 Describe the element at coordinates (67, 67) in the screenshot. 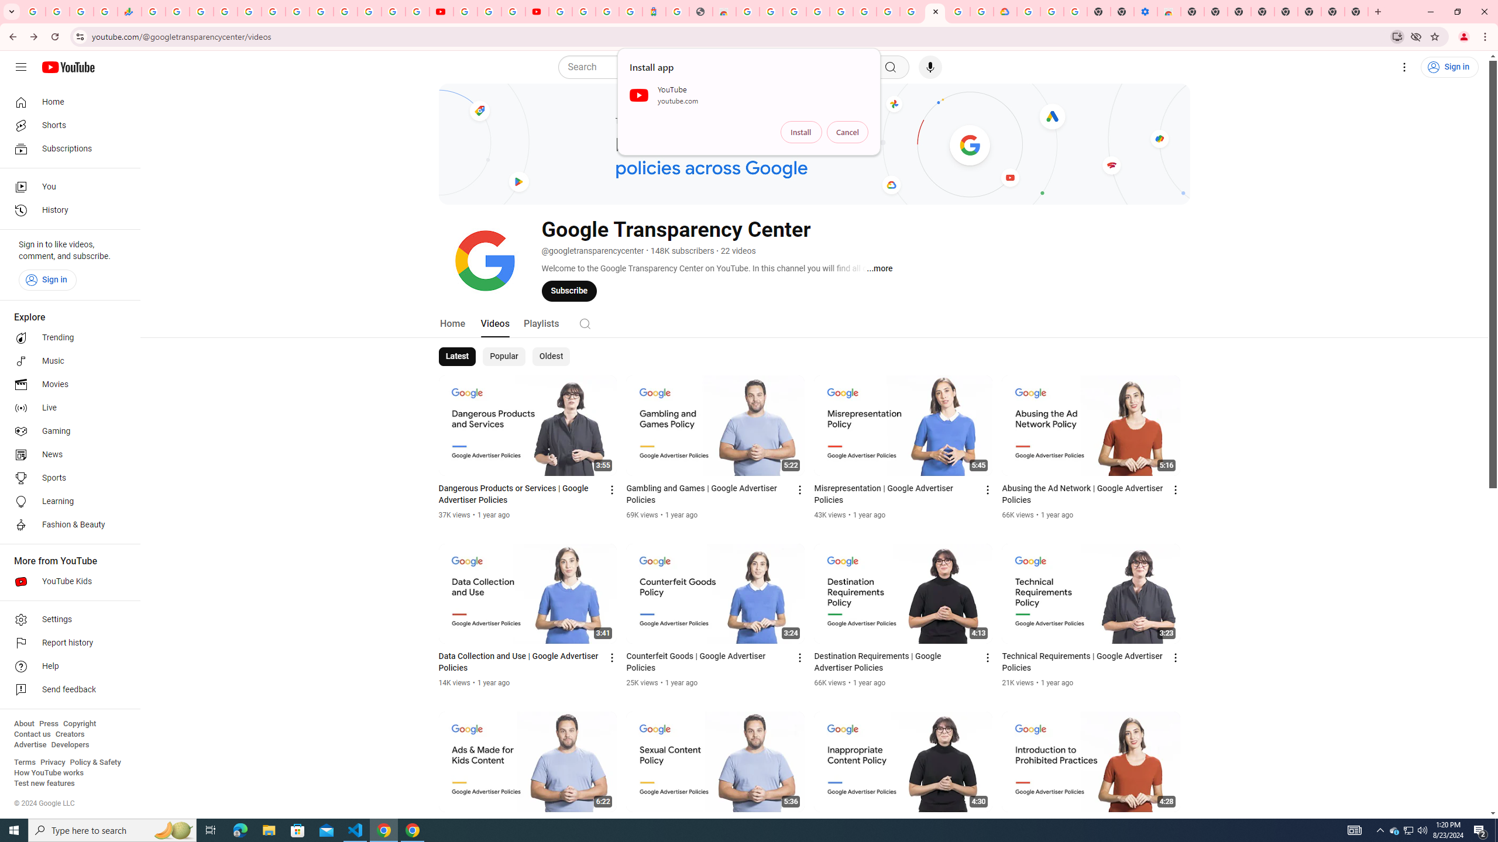

I see `'YouTube Home'` at that location.